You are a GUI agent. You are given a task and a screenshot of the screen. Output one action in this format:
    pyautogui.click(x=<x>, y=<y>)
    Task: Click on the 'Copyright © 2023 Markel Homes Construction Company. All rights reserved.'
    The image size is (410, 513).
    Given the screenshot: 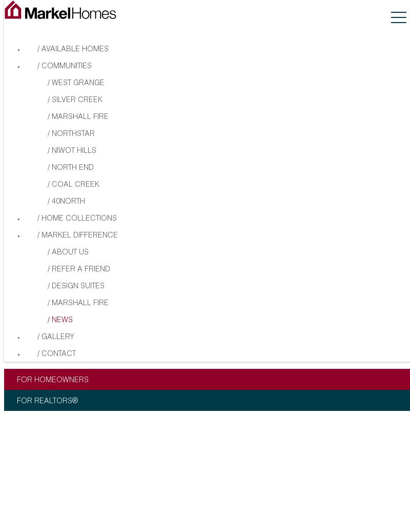 What is the action you would take?
    pyautogui.click(x=205, y=239)
    